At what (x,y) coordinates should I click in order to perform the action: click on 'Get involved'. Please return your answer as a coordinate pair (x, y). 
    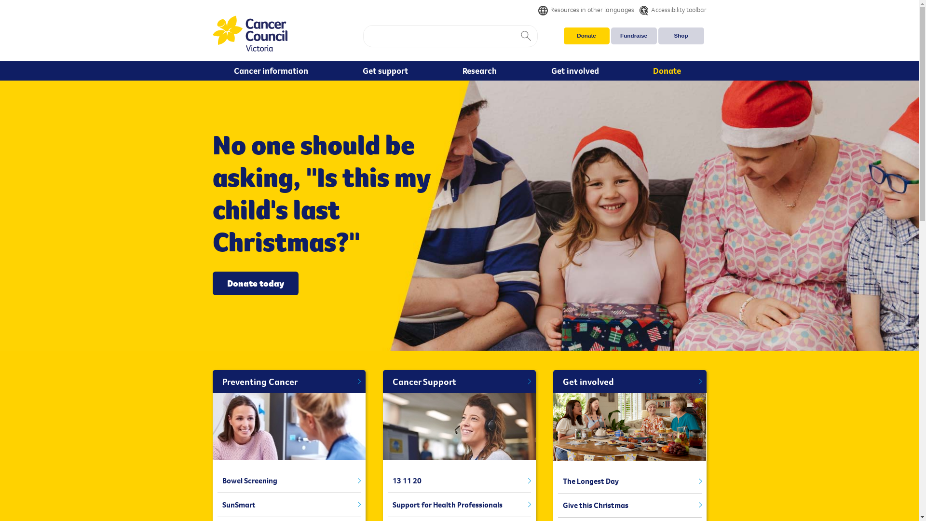
    Looking at the image, I should click on (576, 70).